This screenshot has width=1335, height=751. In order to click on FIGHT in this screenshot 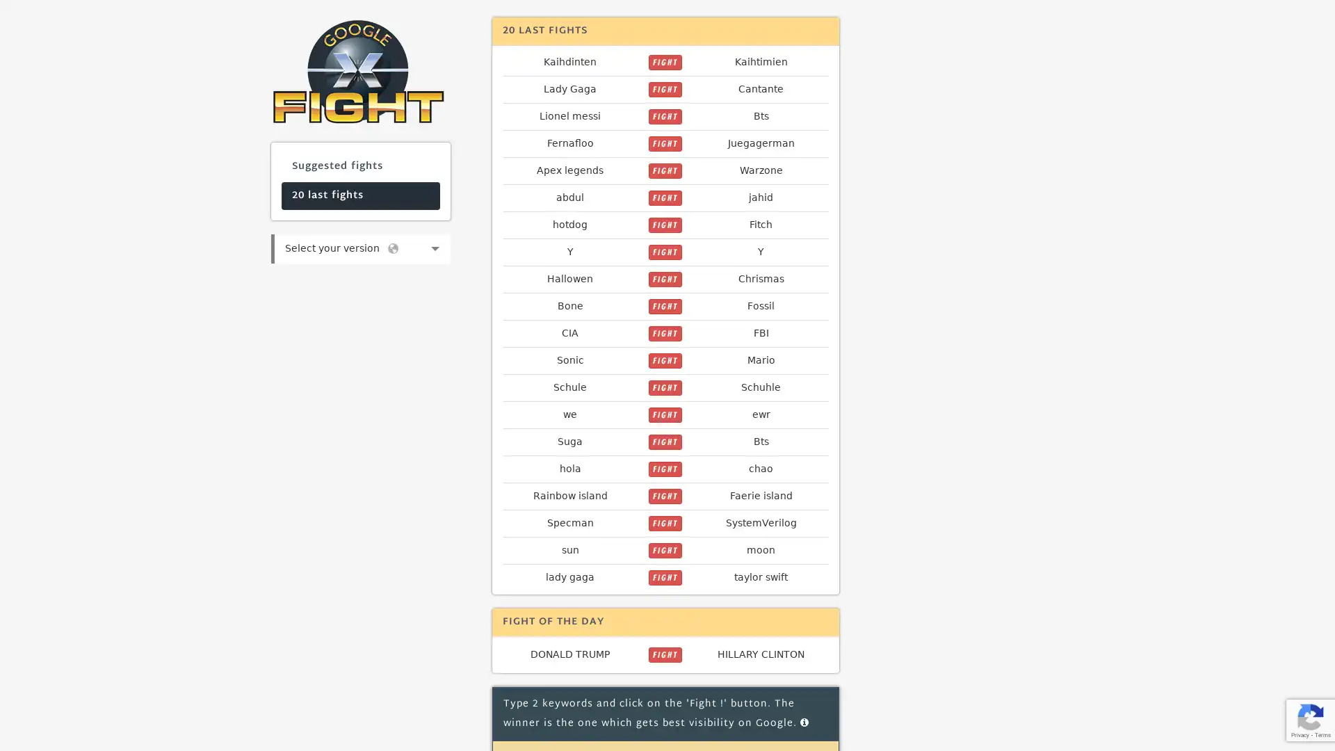, I will do `click(664, 523)`.